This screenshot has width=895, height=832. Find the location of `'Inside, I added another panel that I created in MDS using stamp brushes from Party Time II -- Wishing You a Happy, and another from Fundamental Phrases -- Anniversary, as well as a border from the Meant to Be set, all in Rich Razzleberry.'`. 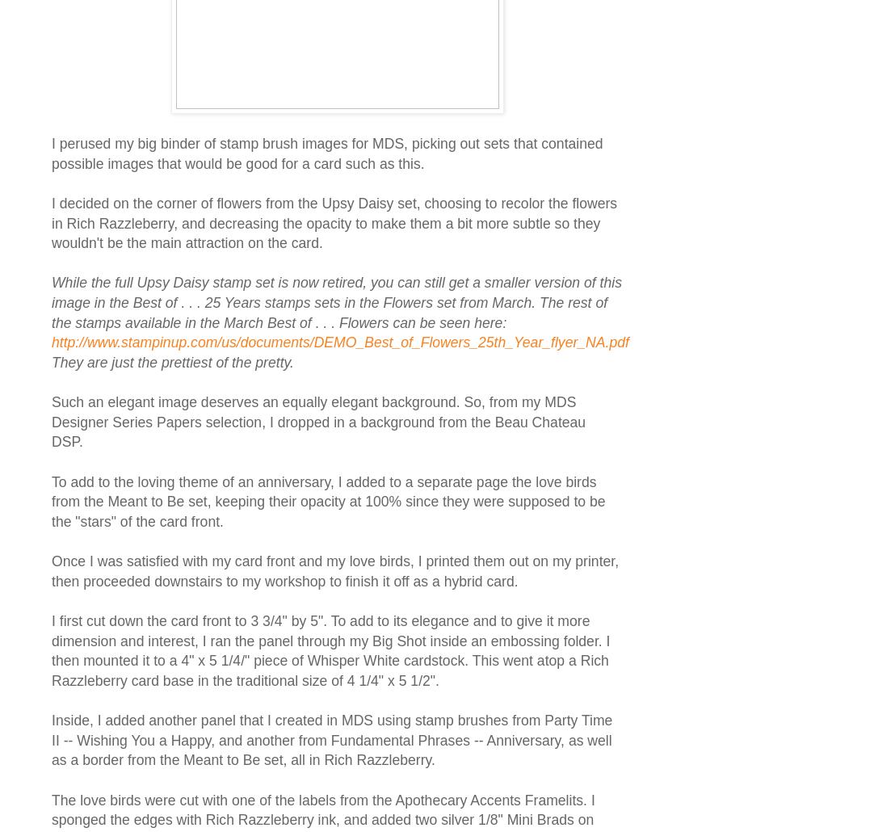

'Inside, I added another panel that I created in MDS using stamp brushes from Party Time II -- Wishing You a Happy, and another from Fundamental Phrases -- Anniversary, as well as a border from the Meant to Be set, all in Rich Razzleberry.' is located at coordinates (331, 740).